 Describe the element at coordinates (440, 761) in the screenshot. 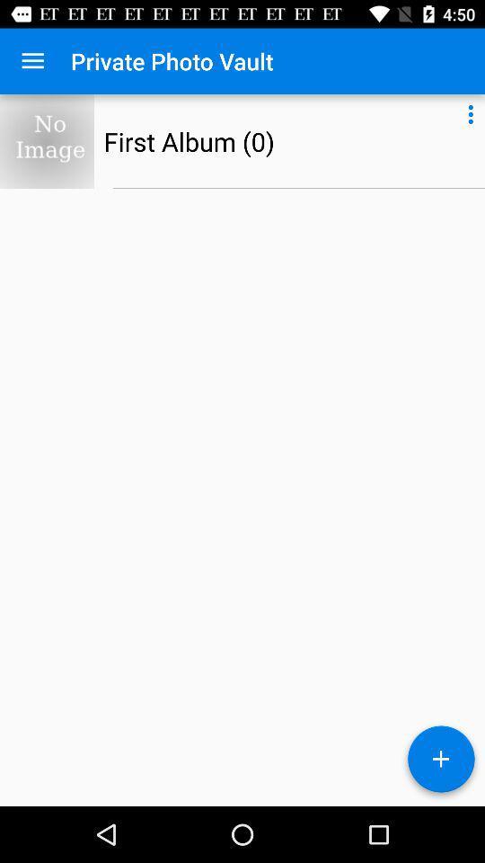

I see `go the add` at that location.